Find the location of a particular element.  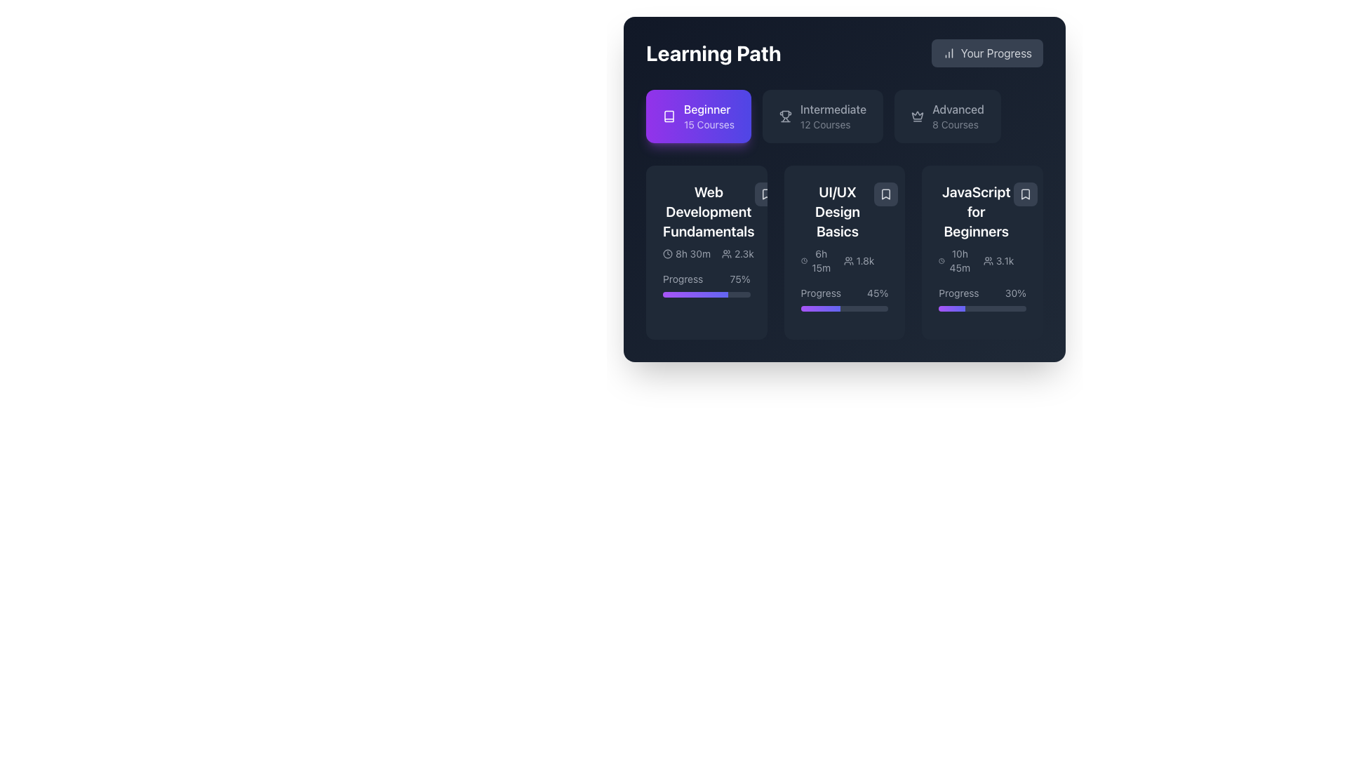

displayed information of the Text with clock icon showing '10h 45m' in the 'JavaScript for Beginners' course card is located at coordinates (955, 260).